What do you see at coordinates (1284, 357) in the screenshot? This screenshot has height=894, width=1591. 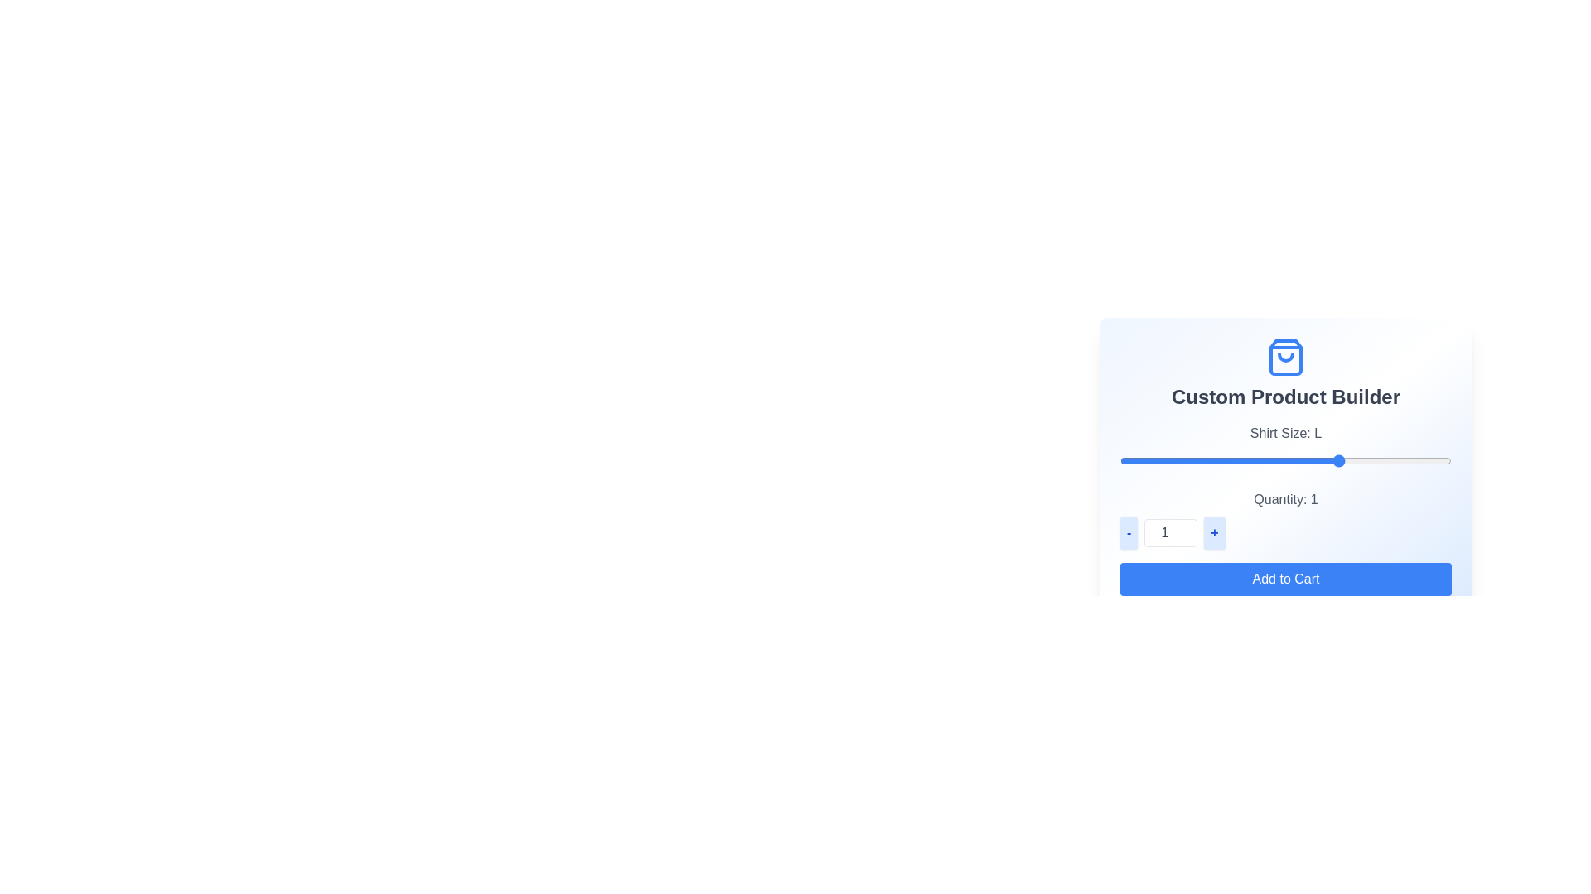 I see `the shopping bag icon with a smooth blue outline located at the top center of the 'Custom Product Builder' section, directly above the text 'Custom Product Builder'` at bounding box center [1284, 357].